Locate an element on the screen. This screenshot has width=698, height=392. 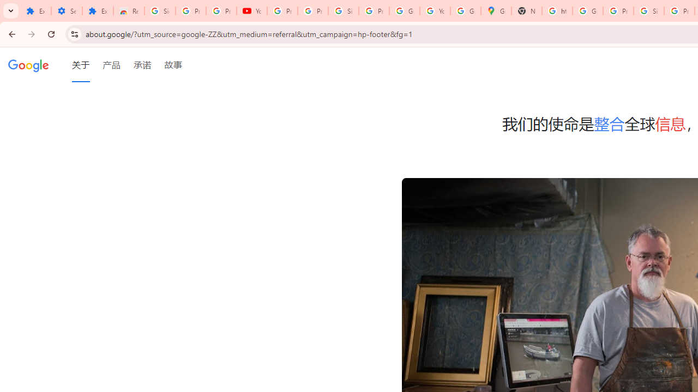
'Sign in - Google Accounts' is located at coordinates (649, 11).